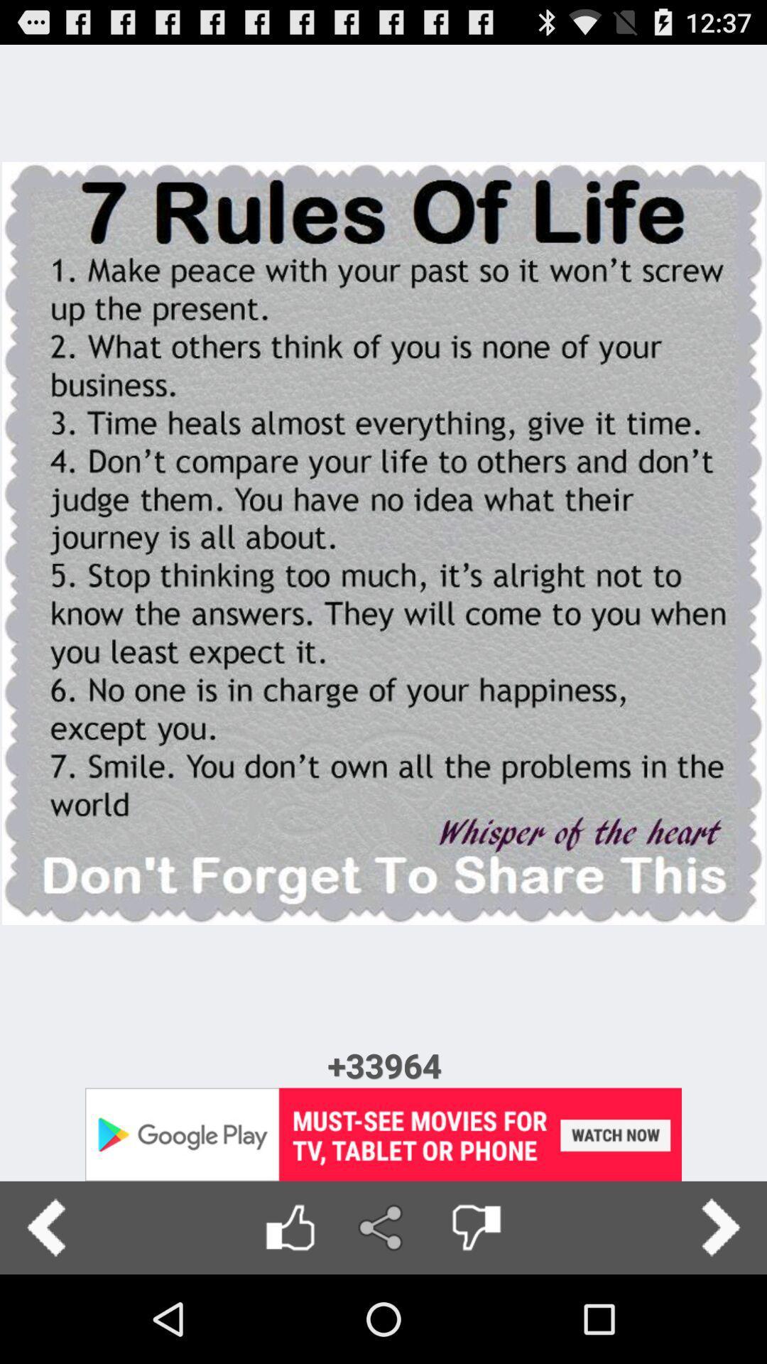 The image size is (767, 1364). I want to click on the arrow_forward icon, so click(720, 1313).